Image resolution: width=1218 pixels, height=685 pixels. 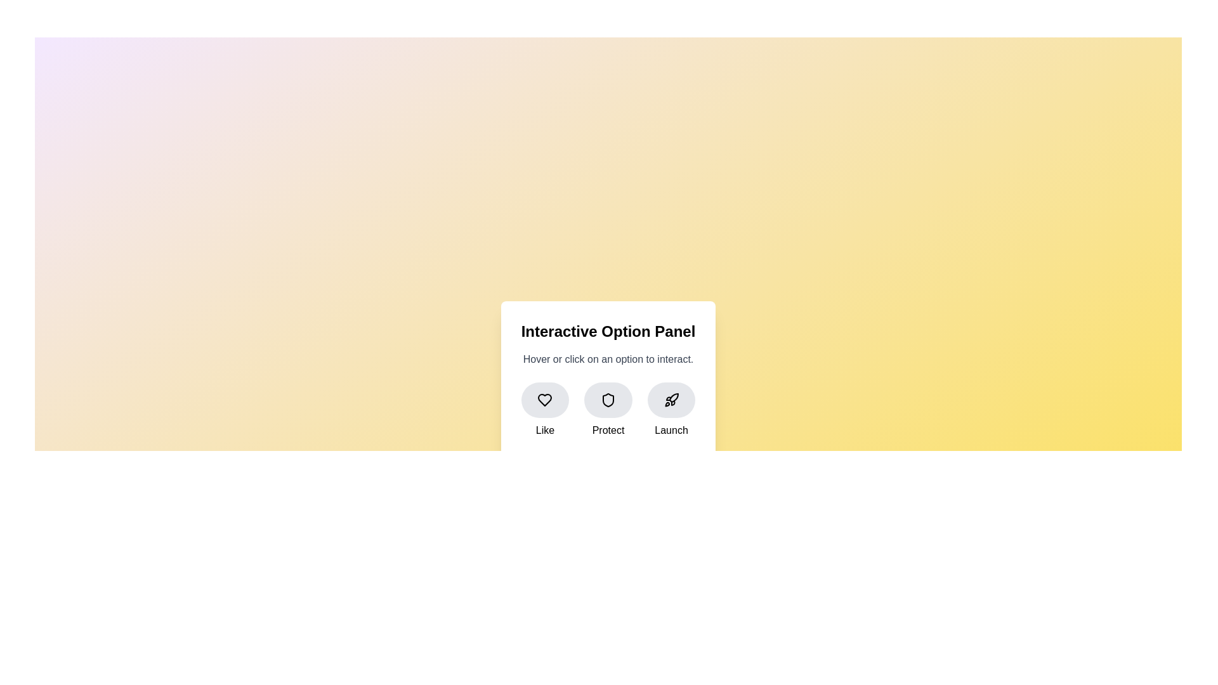 I want to click on the rightmost button in the 'Interactive Option Panel' that serves as a trigger for the 'Launch' action, located directly above the text 'Launch.', so click(x=671, y=400).